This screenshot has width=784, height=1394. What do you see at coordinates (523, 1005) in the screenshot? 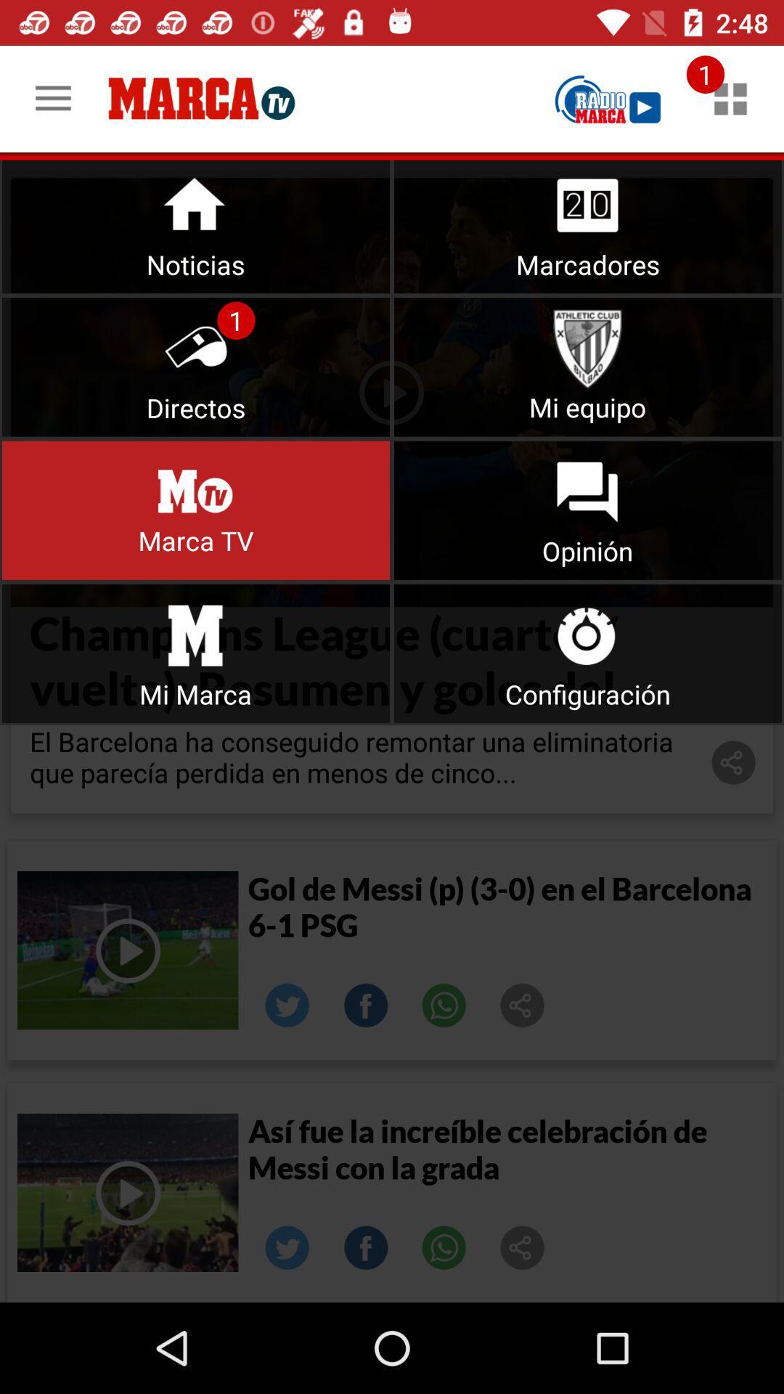
I see `share the article` at bounding box center [523, 1005].